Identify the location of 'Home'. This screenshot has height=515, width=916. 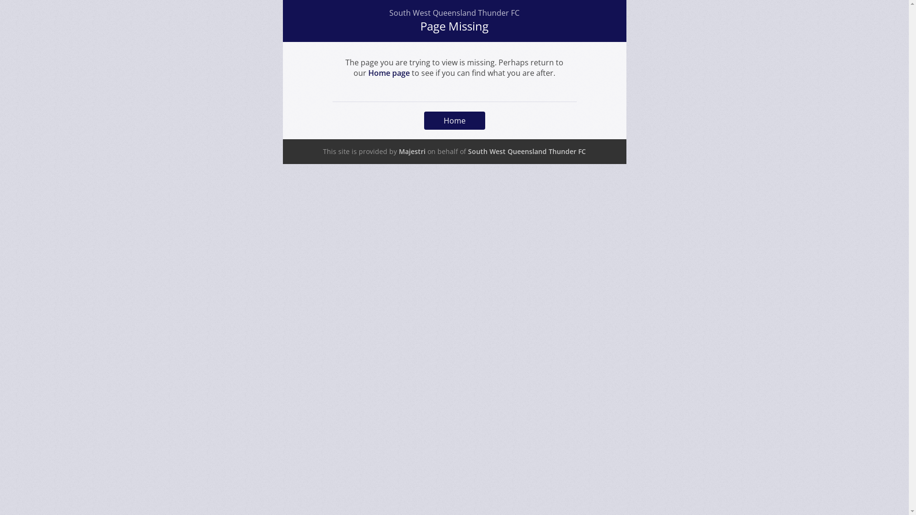
(453, 120).